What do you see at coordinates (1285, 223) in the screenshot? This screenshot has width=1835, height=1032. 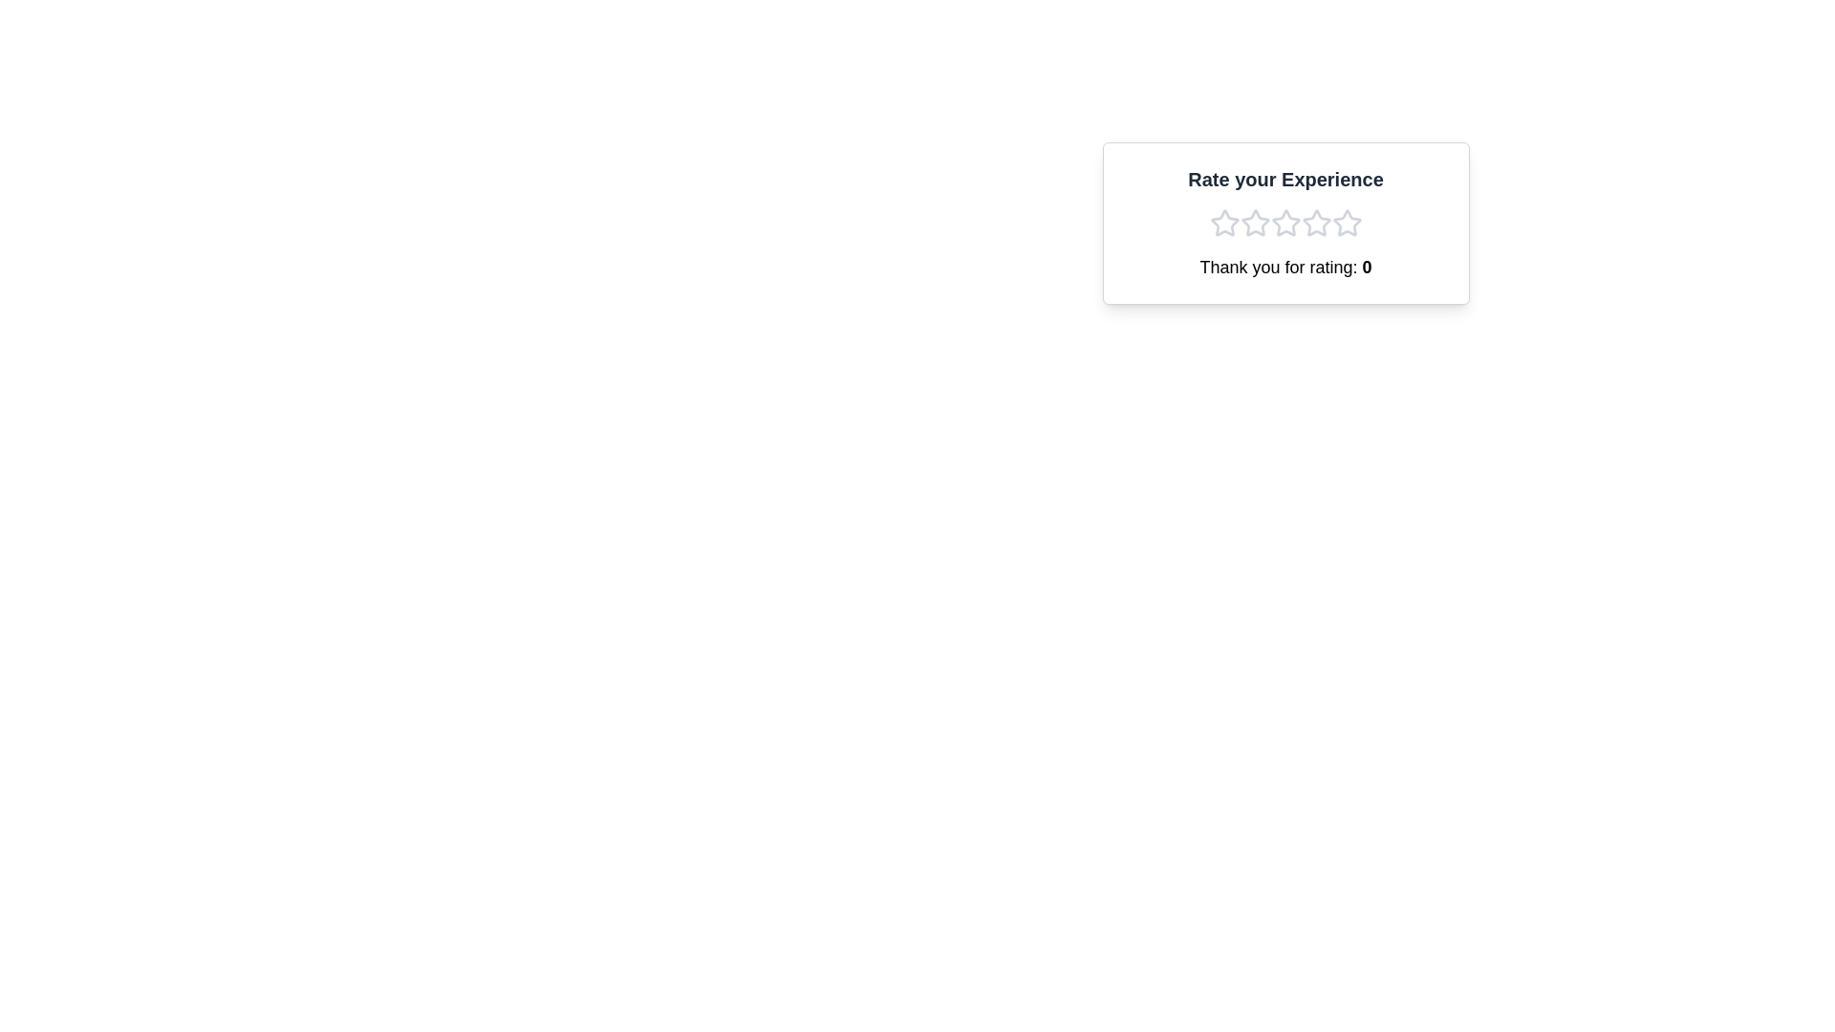 I see `the stars in the interactive rating card` at bounding box center [1285, 223].